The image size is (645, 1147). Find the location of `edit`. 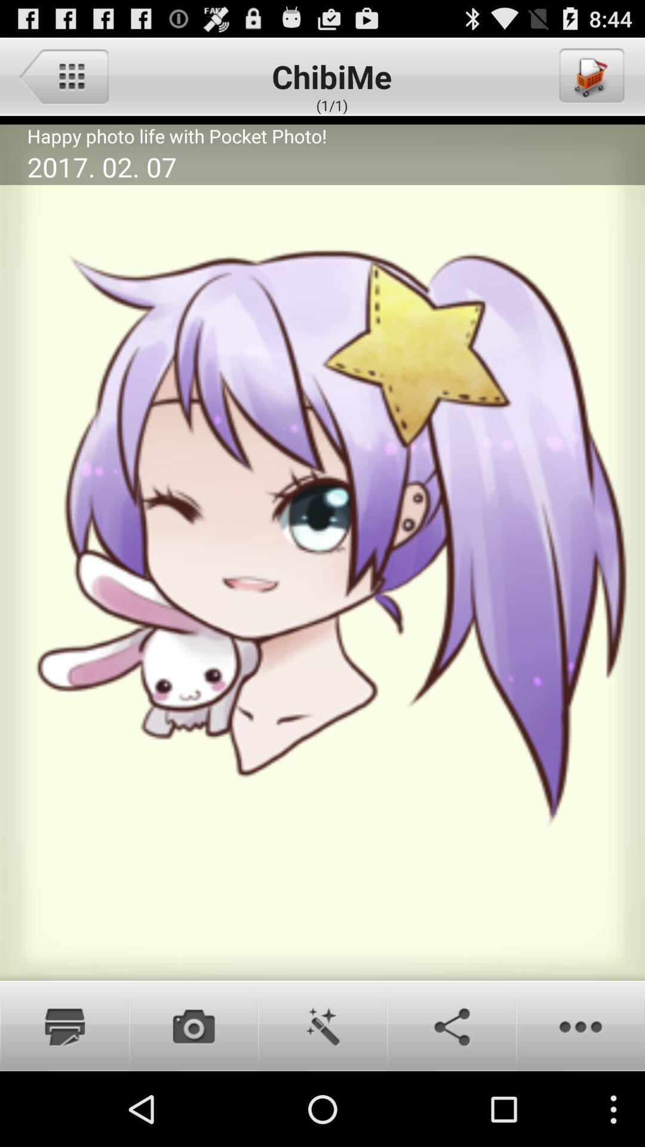

edit is located at coordinates (322, 1025).